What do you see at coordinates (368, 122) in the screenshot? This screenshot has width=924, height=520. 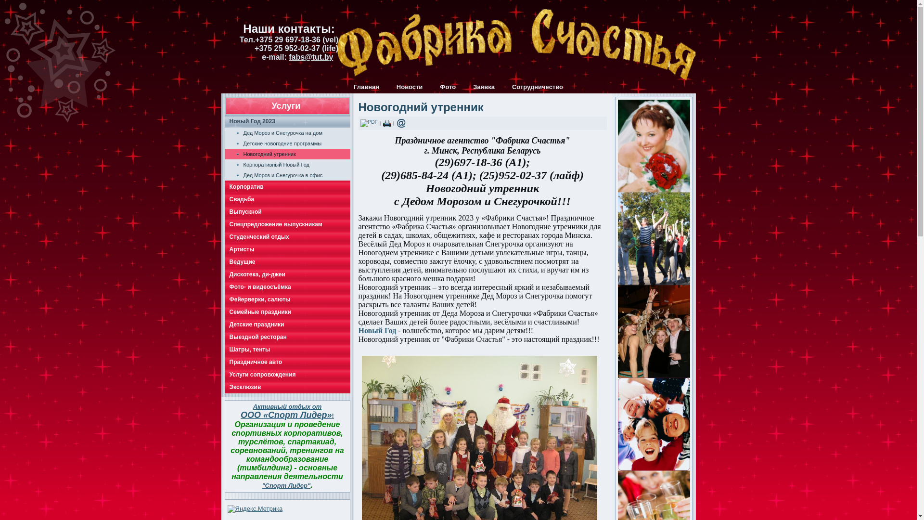 I see `'PDF'` at bounding box center [368, 122].